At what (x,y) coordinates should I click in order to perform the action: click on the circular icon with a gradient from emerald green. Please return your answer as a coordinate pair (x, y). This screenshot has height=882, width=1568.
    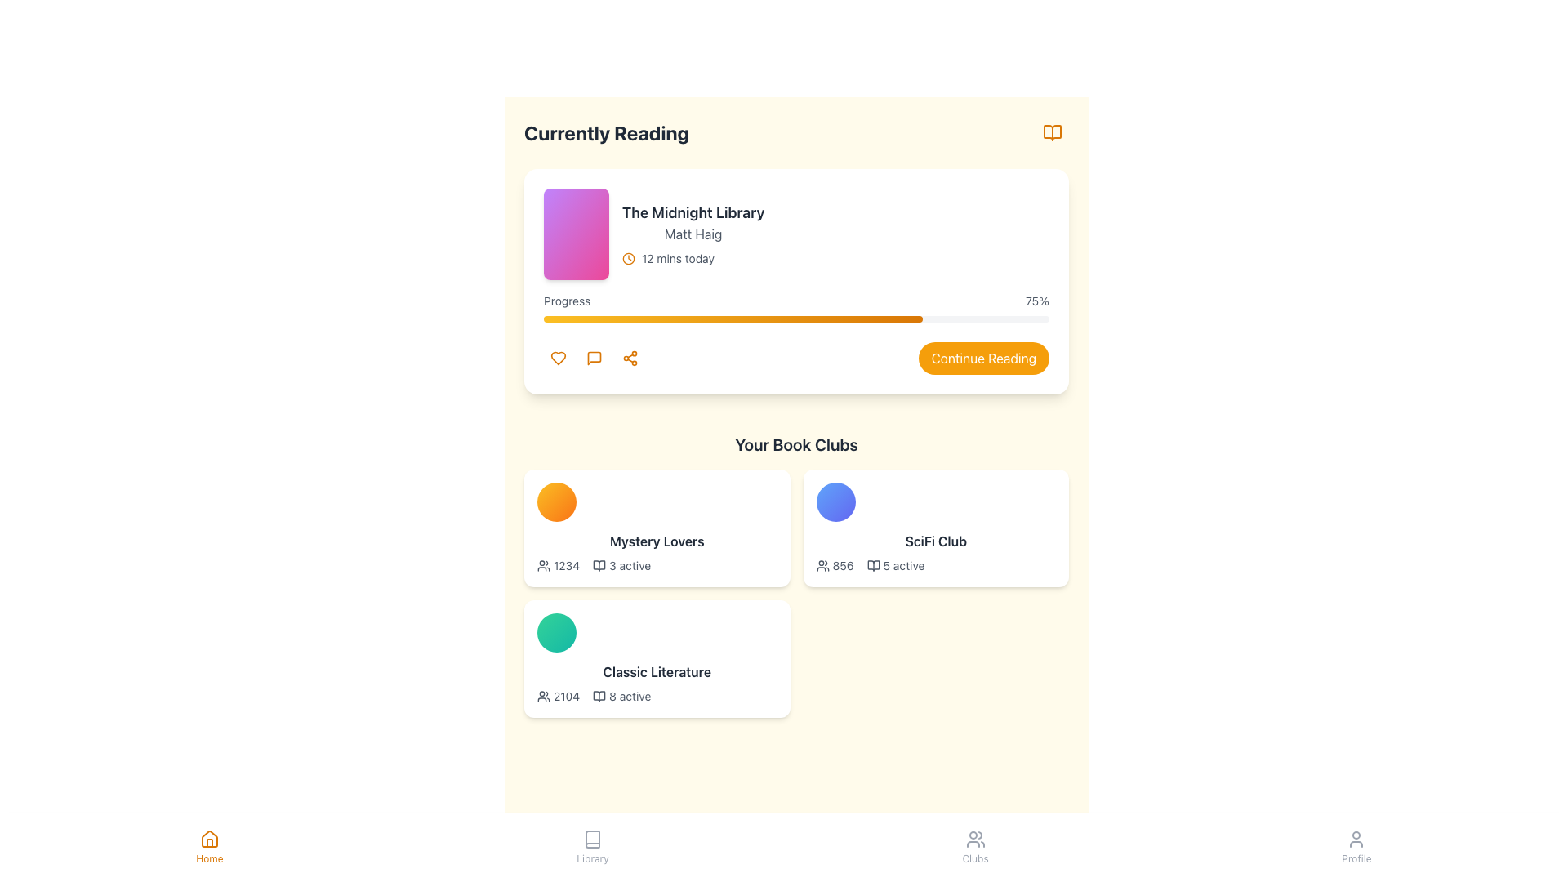
    Looking at the image, I should click on (556, 632).